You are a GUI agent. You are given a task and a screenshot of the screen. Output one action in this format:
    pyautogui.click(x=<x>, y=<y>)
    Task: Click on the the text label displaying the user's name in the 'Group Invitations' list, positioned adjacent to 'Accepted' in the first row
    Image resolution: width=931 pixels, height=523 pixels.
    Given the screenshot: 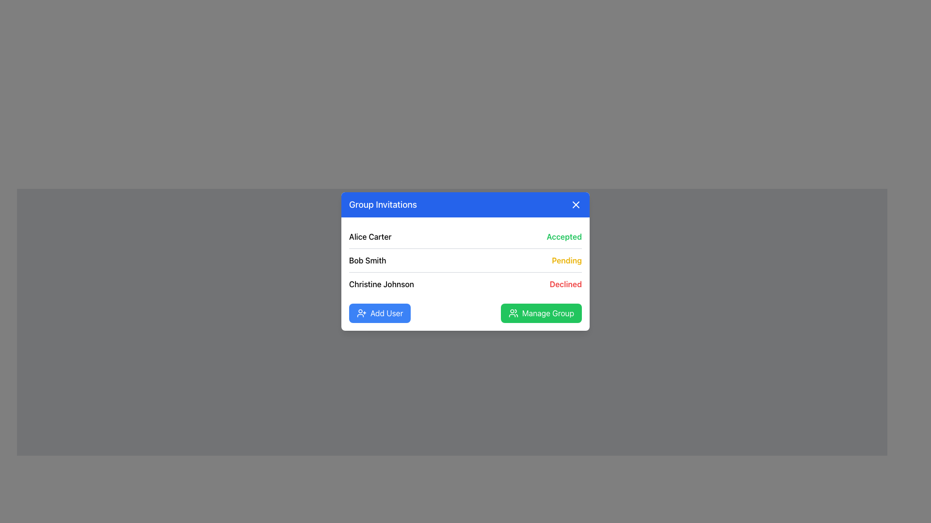 What is the action you would take?
    pyautogui.click(x=369, y=237)
    